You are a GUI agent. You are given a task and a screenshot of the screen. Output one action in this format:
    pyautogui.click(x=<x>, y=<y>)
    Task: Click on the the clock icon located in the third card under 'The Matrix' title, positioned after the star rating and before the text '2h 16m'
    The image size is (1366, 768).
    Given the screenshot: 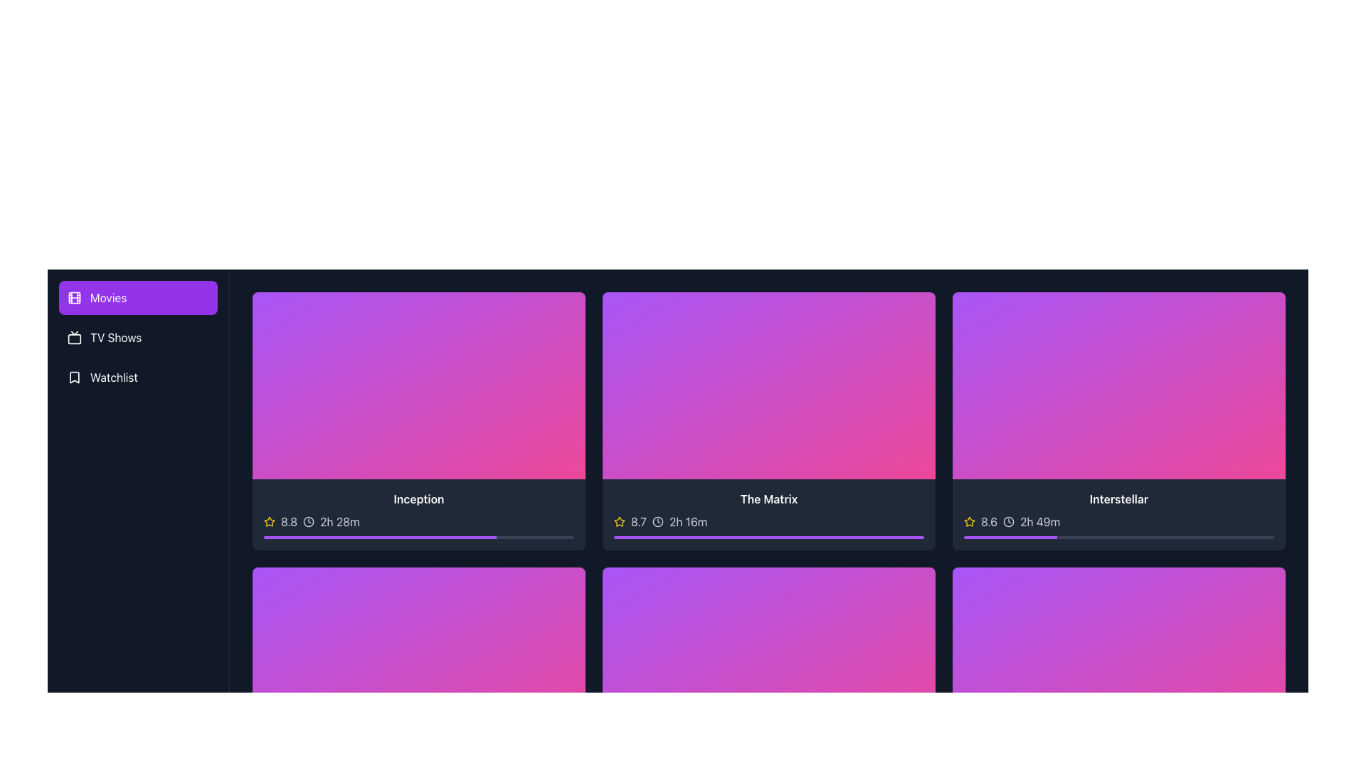 What is the action you would take?
    pyautogui.click(x=657, y=522)
    